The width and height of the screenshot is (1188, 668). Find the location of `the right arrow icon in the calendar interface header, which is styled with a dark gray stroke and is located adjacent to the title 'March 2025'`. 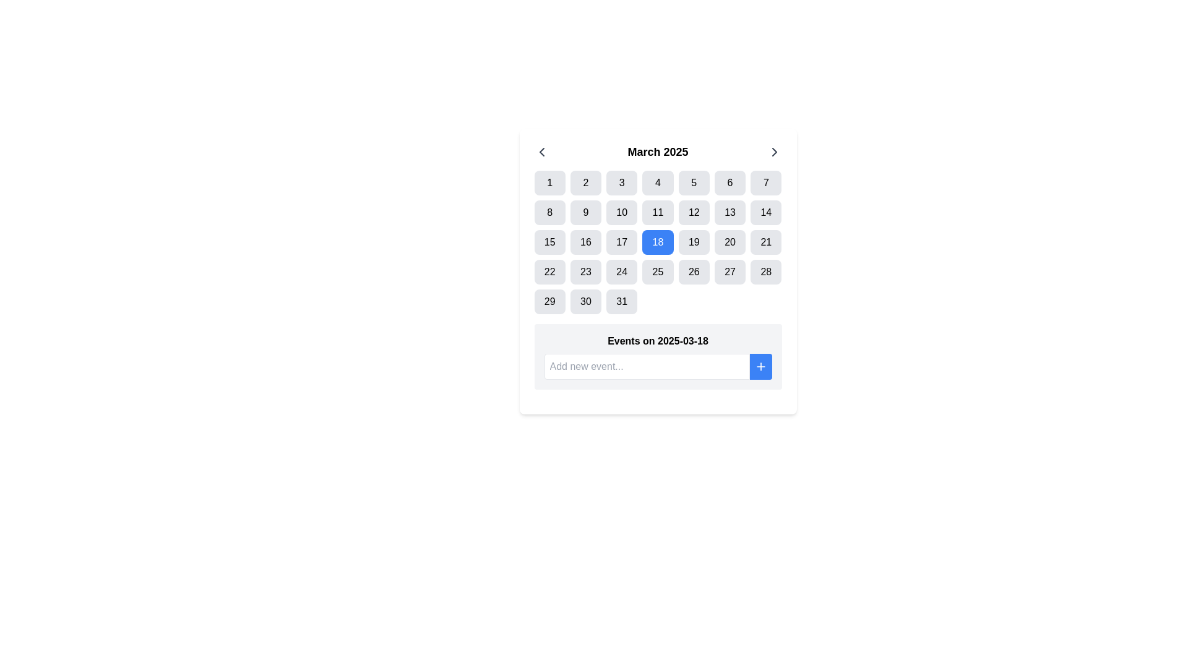

the right arrow icon in the calendar interface header, which is styled with a dark gray stroke and is located adjacent to the title 'March 2025' is located at coordinates (773, 152).